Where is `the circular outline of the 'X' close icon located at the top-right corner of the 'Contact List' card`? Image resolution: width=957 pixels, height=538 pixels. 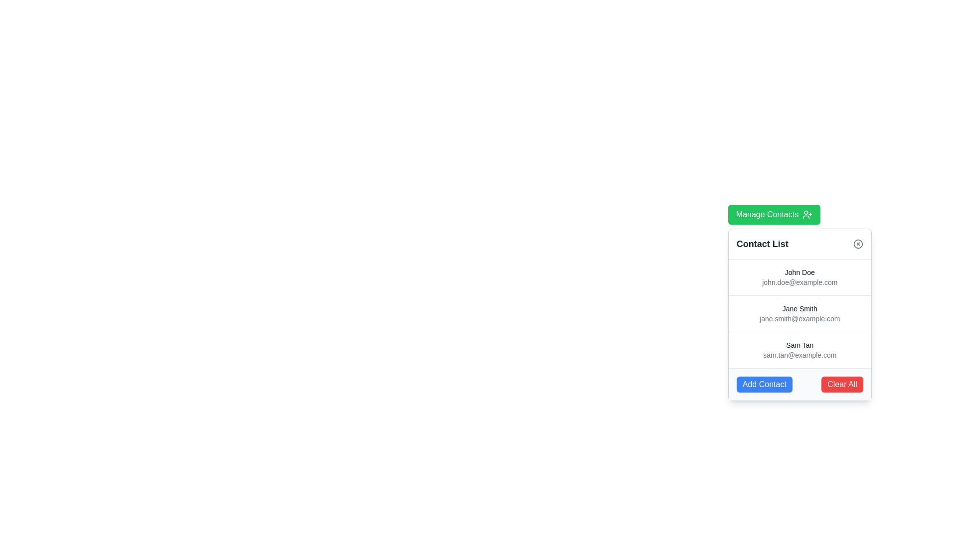
the circular outline of the 'X' close icon located at the top-right corner of the 'Contact List' card is located at coordinates (857, 244).